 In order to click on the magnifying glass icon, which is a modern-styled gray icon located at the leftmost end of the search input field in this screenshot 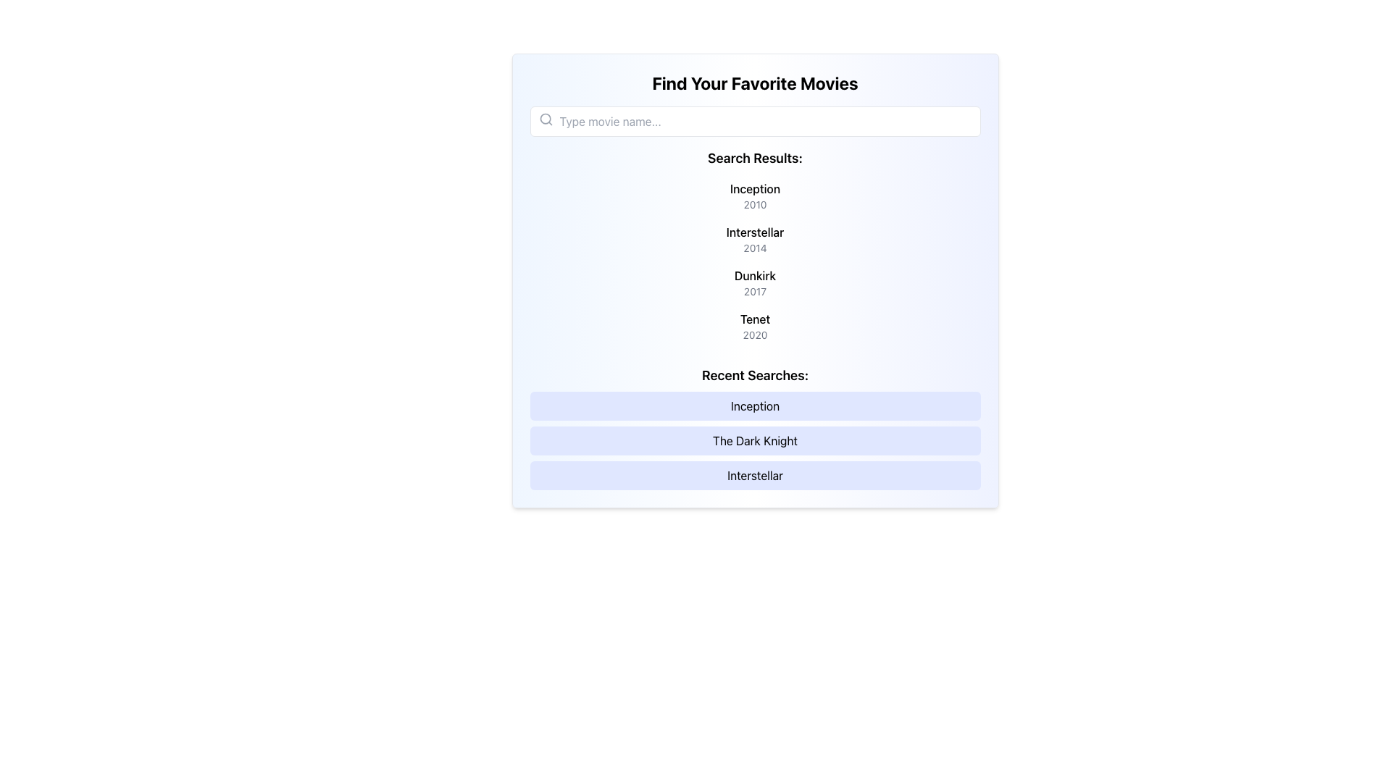, I will do `click(545, 119)`.